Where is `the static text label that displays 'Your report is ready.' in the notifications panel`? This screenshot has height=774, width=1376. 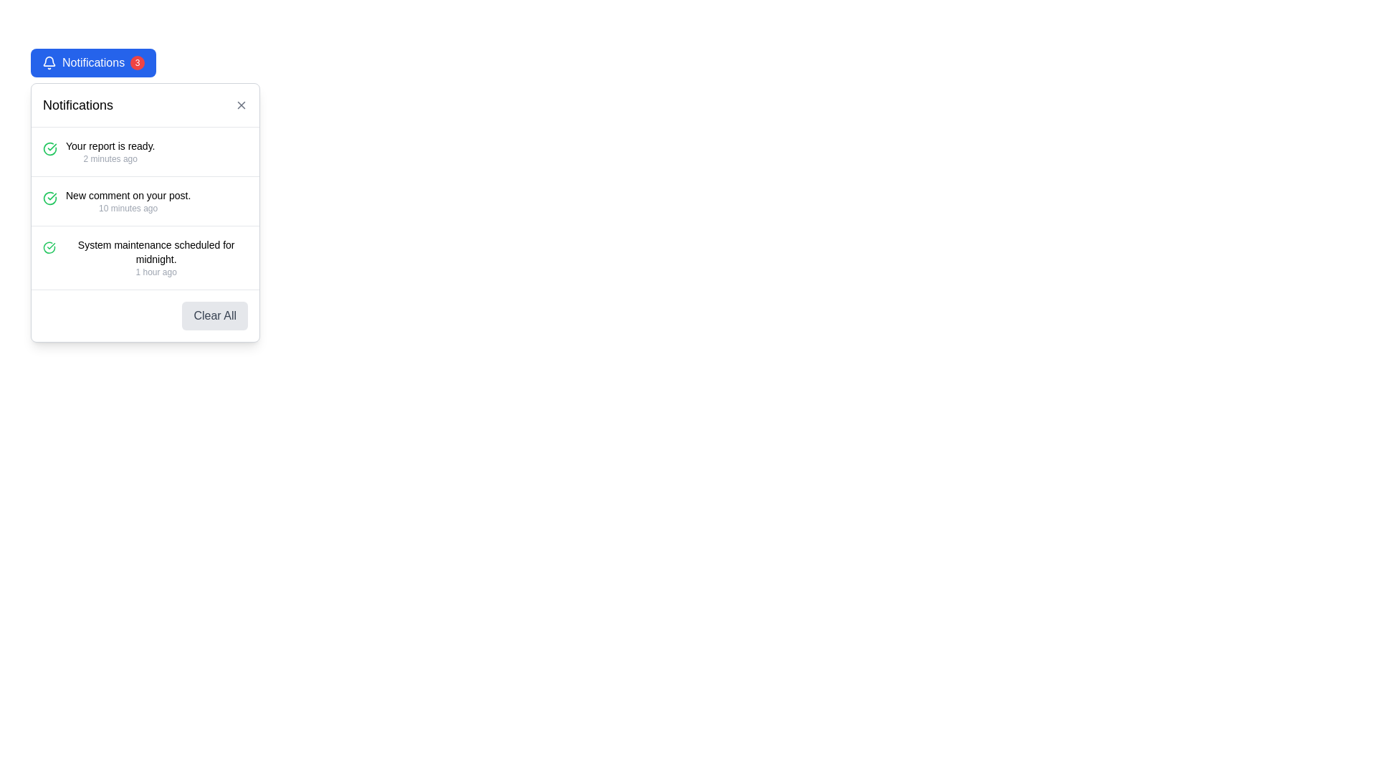 the static text label that displays 'Your report is ready.' in the notifications panel is located at coordinates (110, 146).